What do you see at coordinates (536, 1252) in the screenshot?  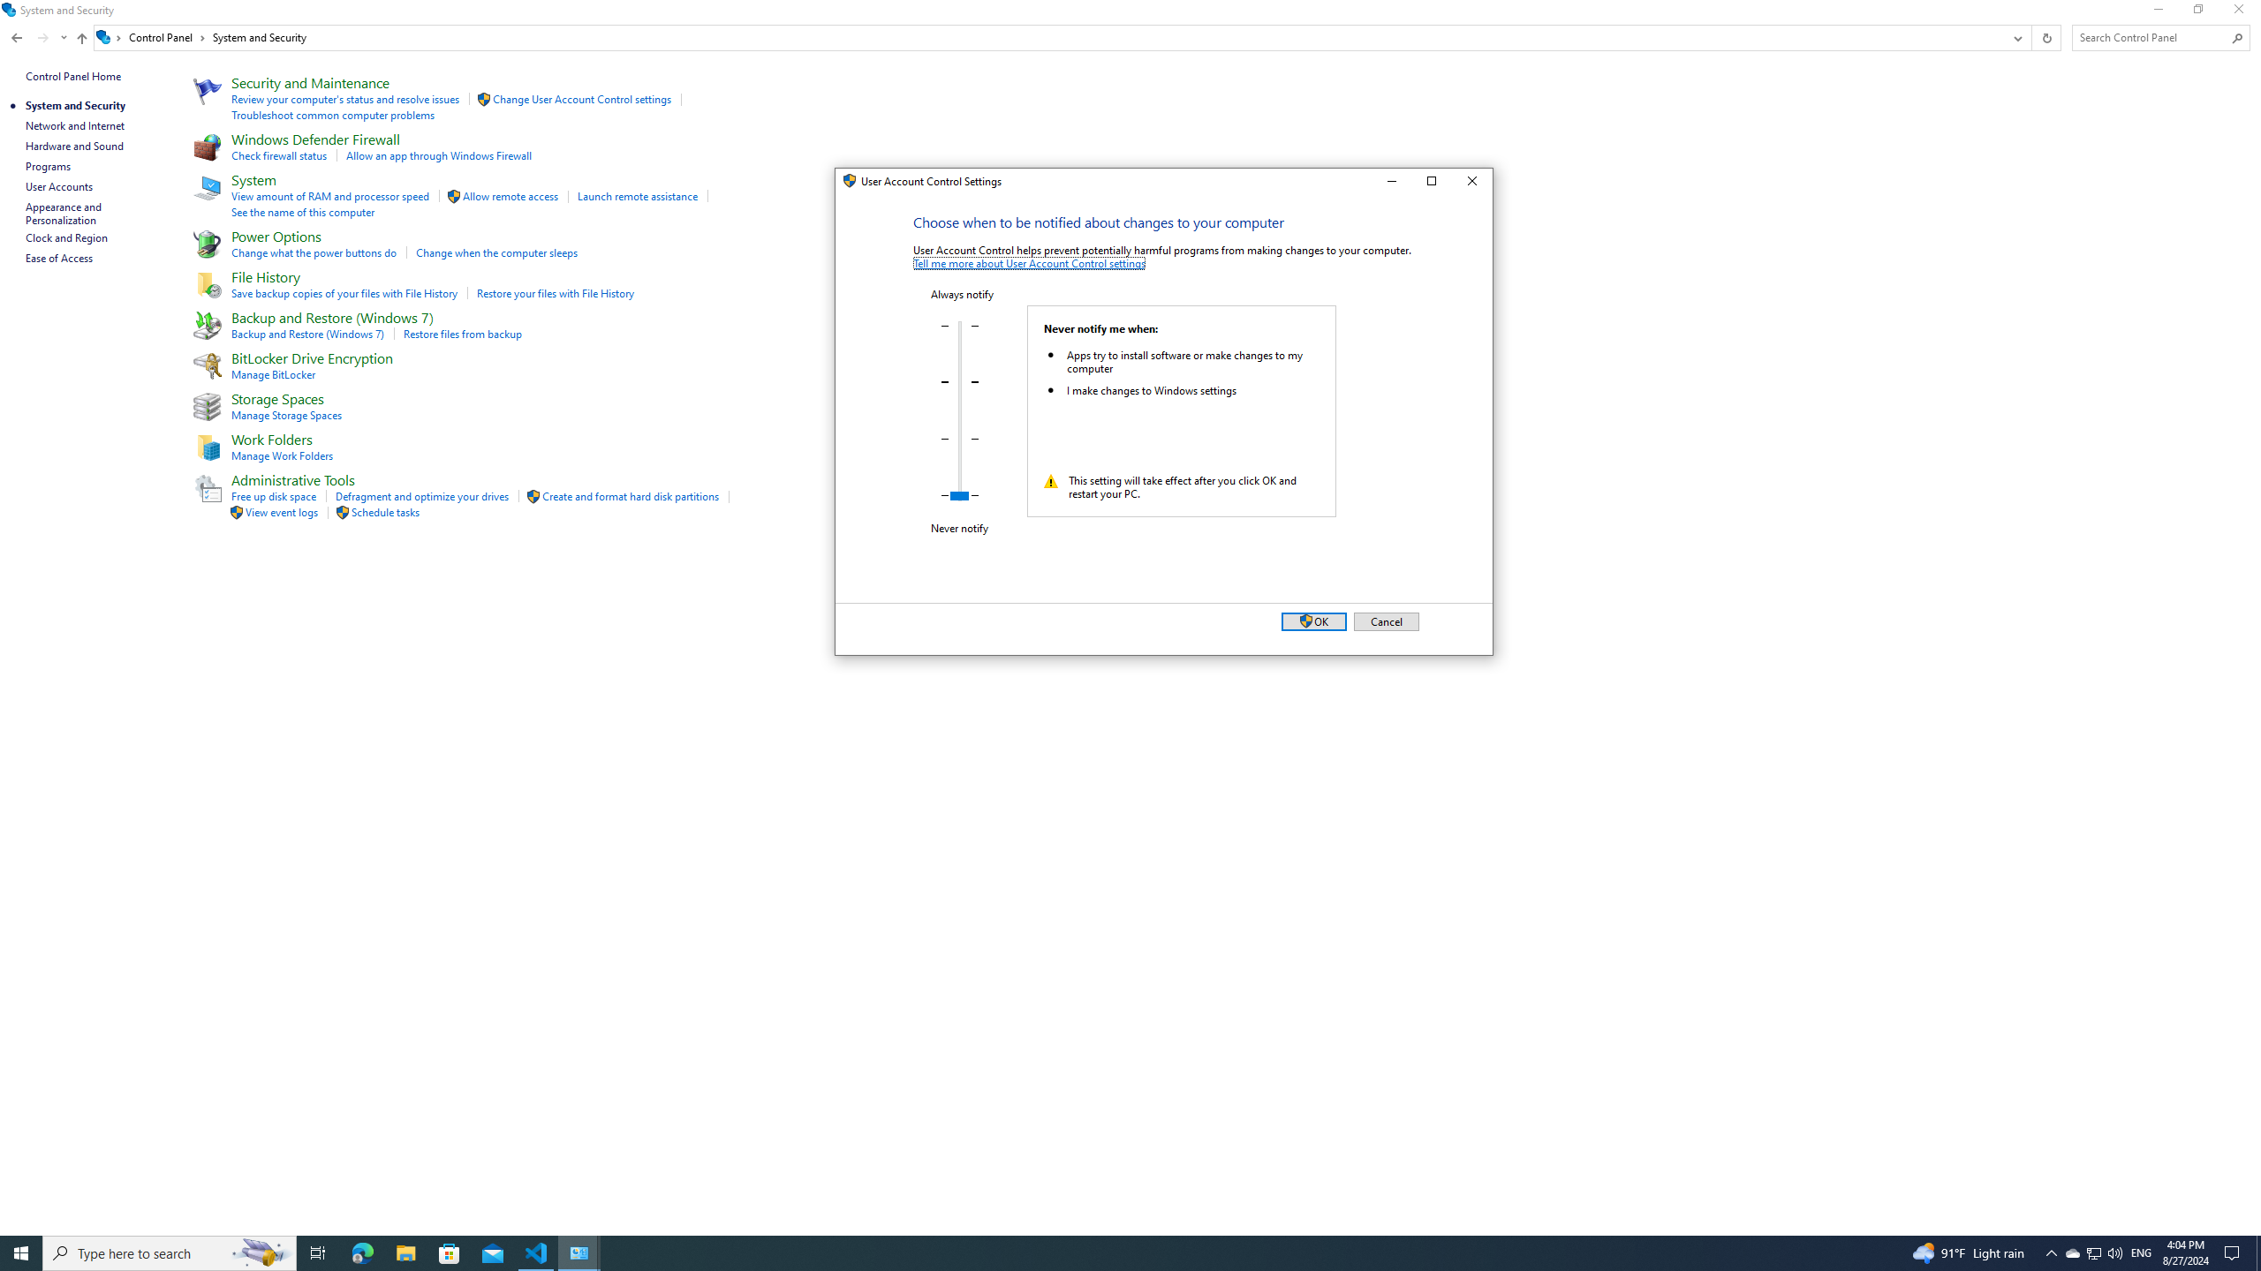 I see `'Visual Studio Code - 1 running window'` at bounding box center [536, 1252].